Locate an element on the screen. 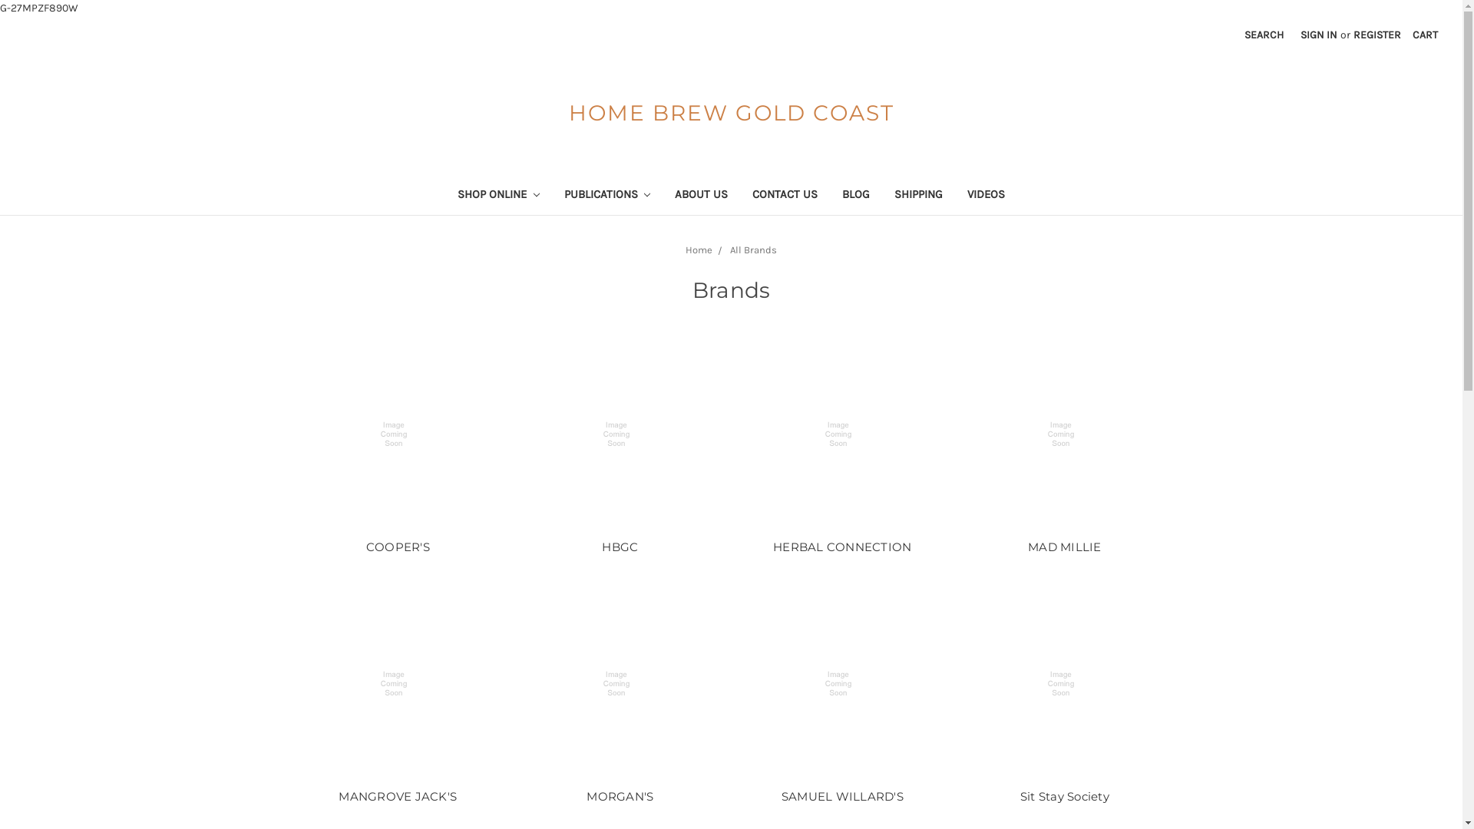 The width and height of the screenshot is (1474, 829). 'PUBLICATIONS' is located at coordinates (606, 195).